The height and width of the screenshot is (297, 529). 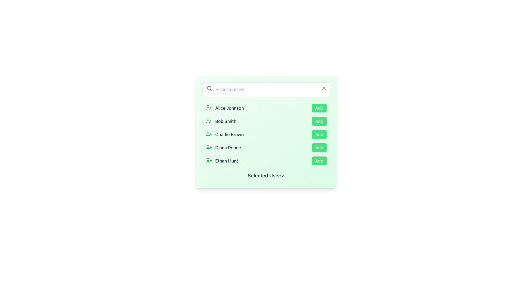 I want to click on the clear button in the top-right corner of the search input field to potentially display a tooltip, so click(x=324, y=88).